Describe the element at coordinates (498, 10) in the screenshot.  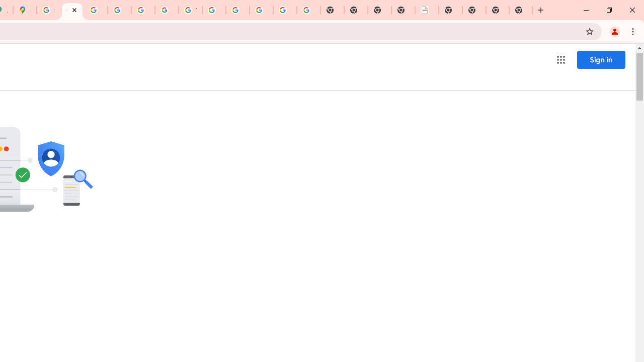
I see `'New Tab'` at that location.